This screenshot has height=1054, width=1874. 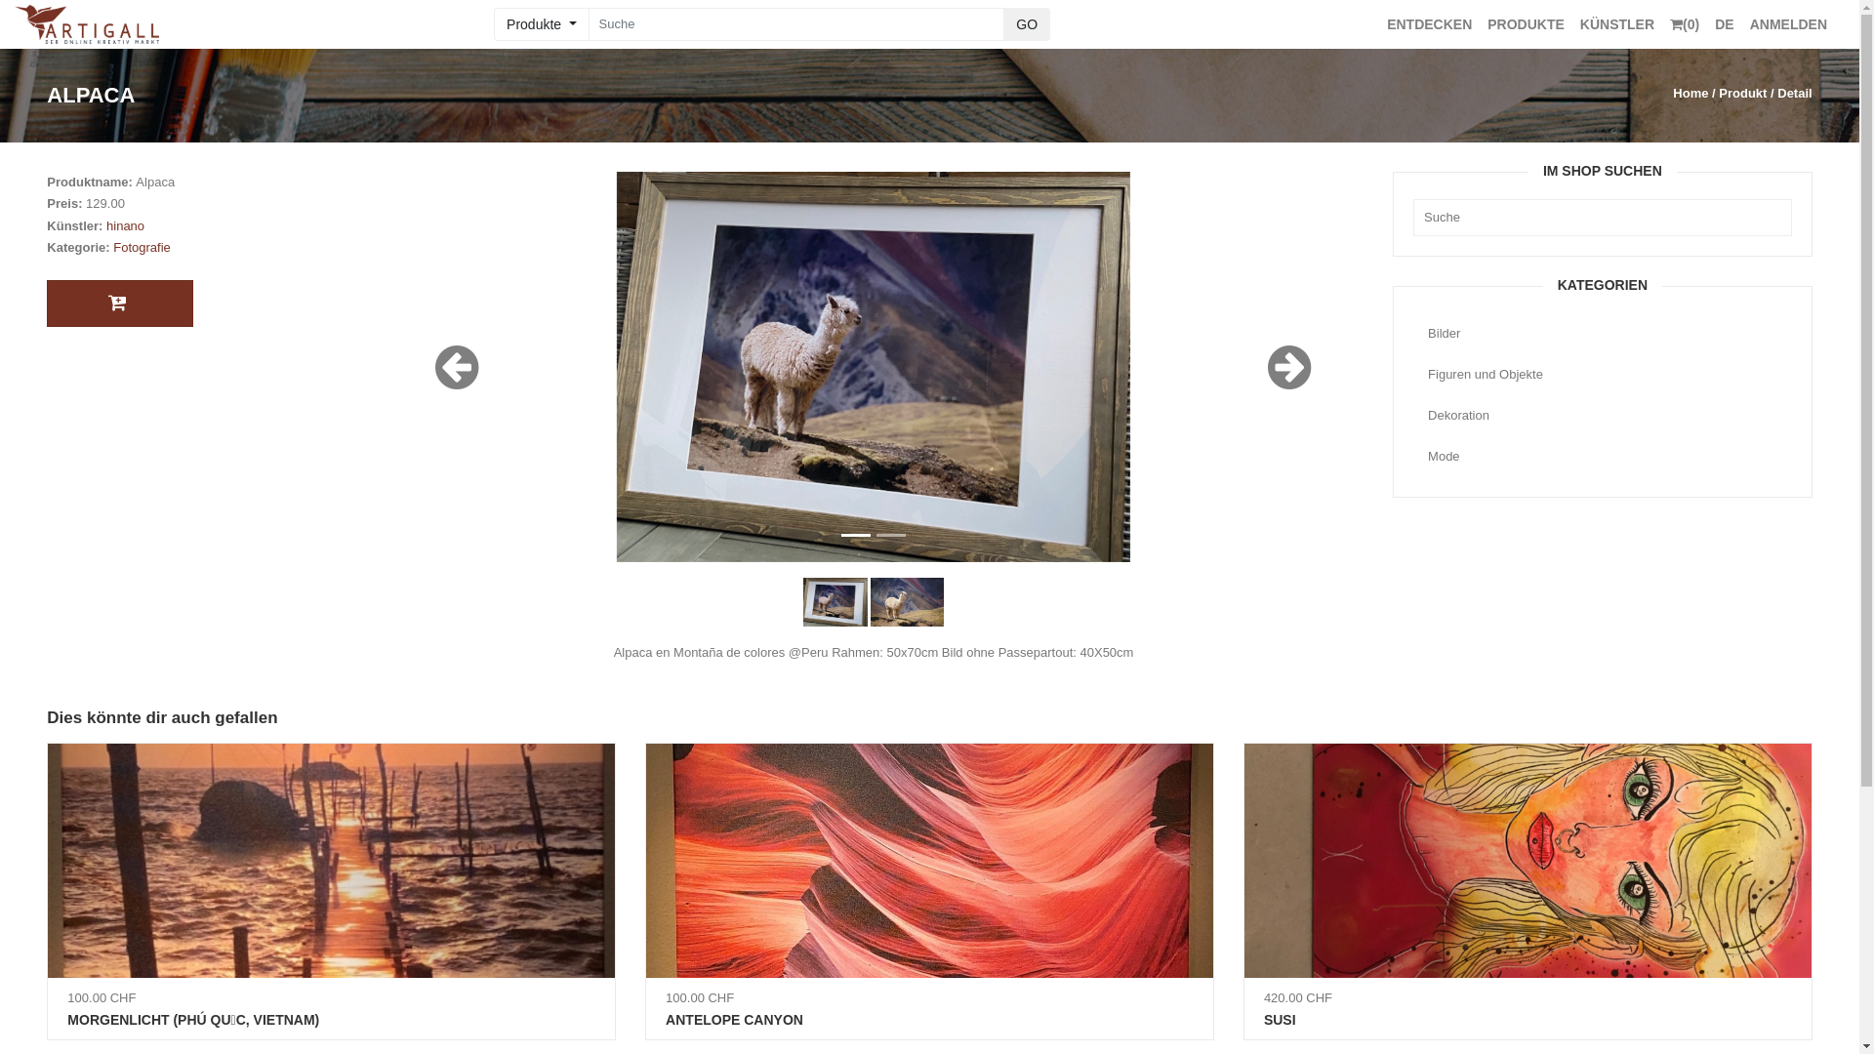 I want to click on 'ENTDECKEN', so click(x=1429, y=23).